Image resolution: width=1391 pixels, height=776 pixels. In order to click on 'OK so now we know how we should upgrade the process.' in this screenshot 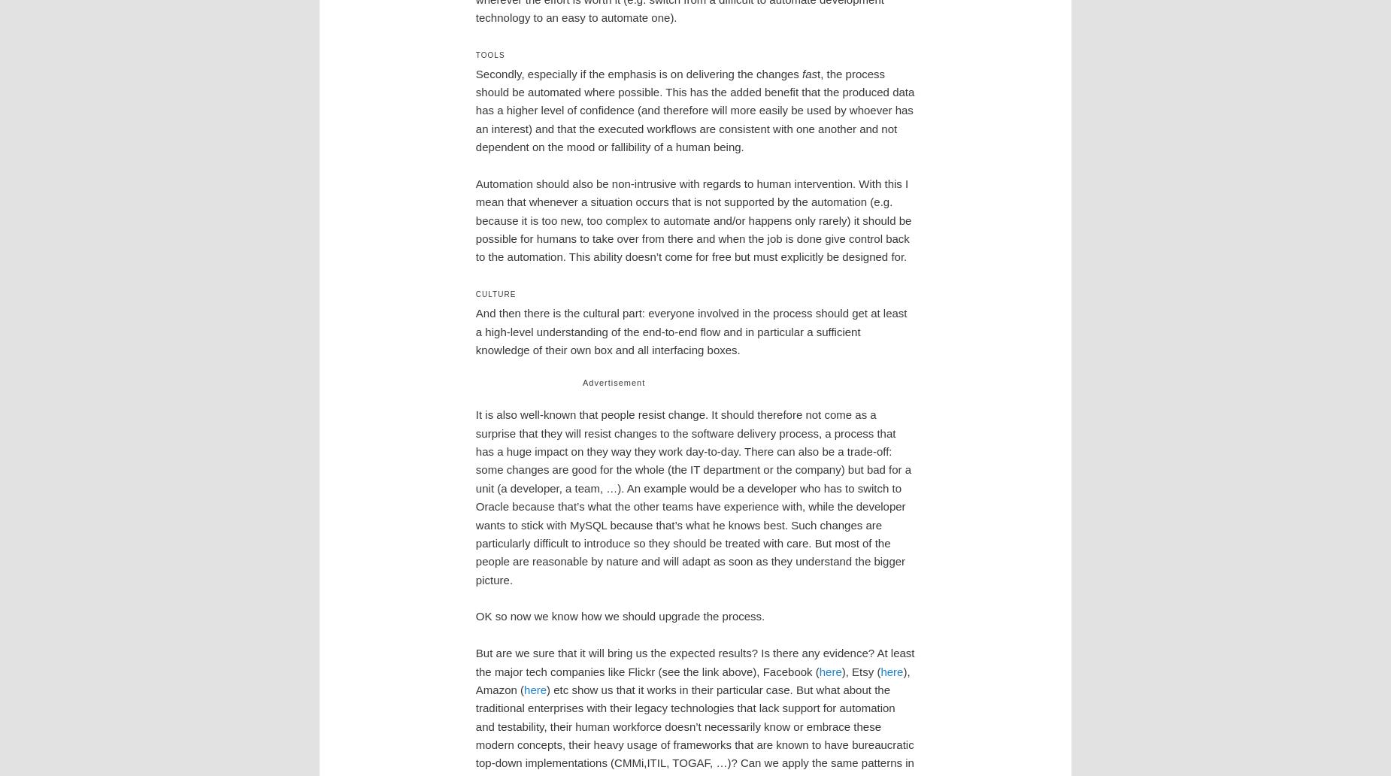, I will do `click(620, 616)`.